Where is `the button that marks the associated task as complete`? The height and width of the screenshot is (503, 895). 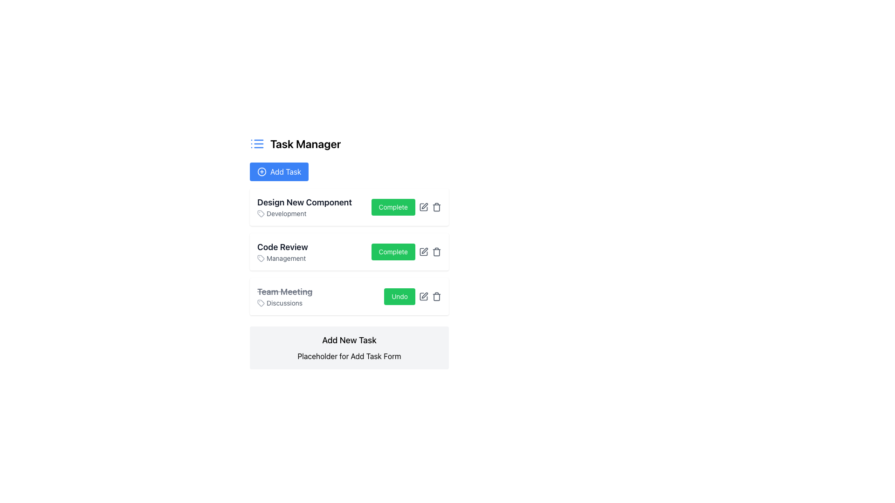
the button that marks the associated task as complete is located at coordinates (393, 251).